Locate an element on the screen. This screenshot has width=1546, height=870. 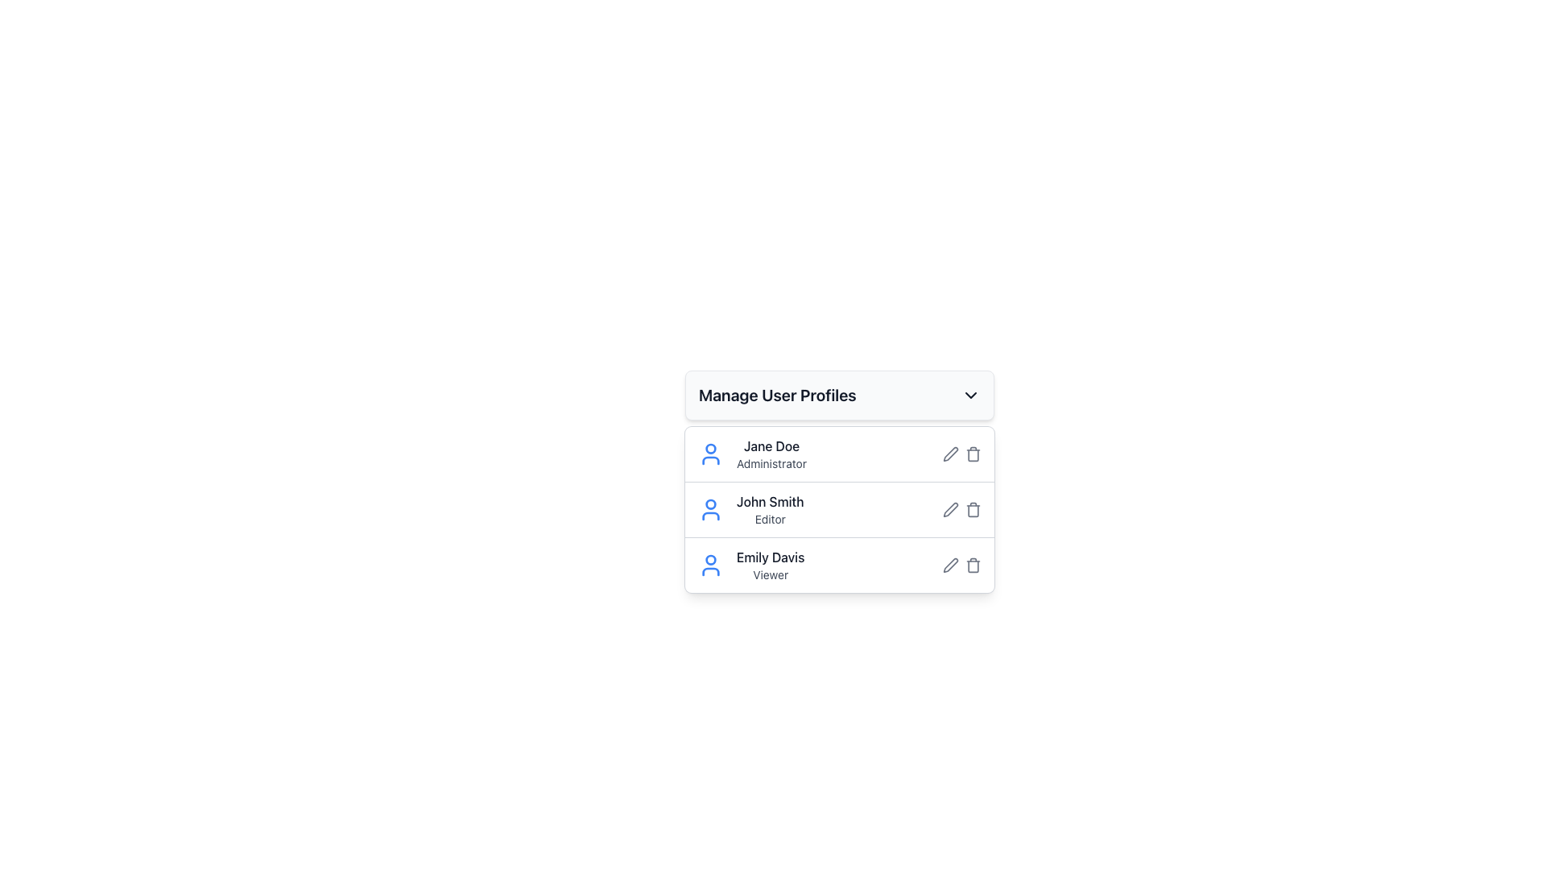
the trash bin icon located at the far right of the user action row for 'John Smith' is located at coordinates (973, 509).